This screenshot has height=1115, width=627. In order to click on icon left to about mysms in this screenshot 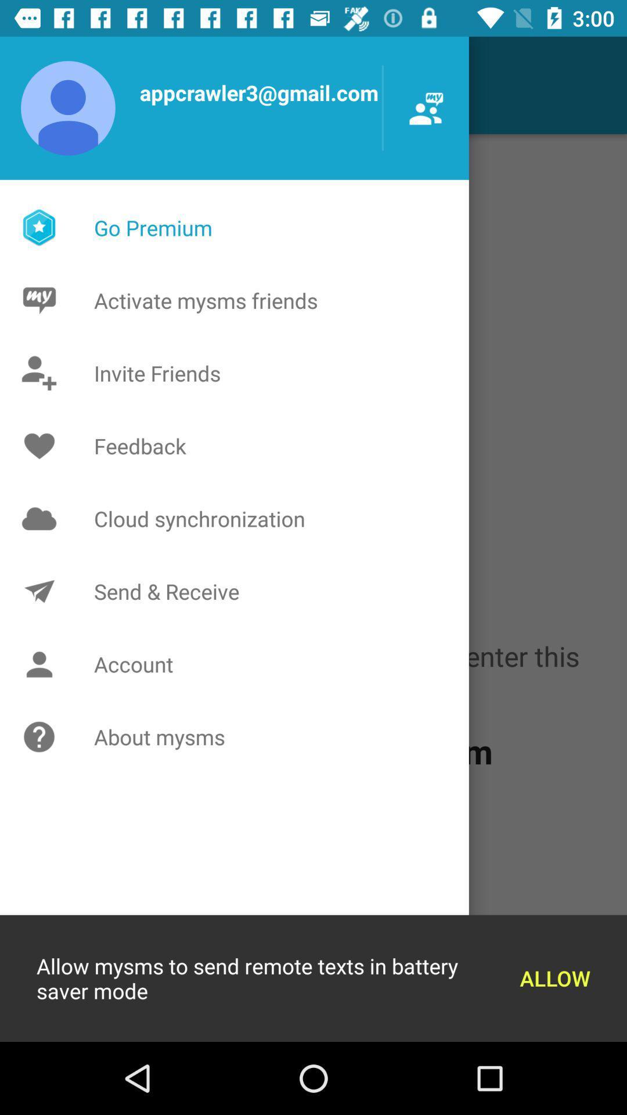, I will do `click(42, 736)`.